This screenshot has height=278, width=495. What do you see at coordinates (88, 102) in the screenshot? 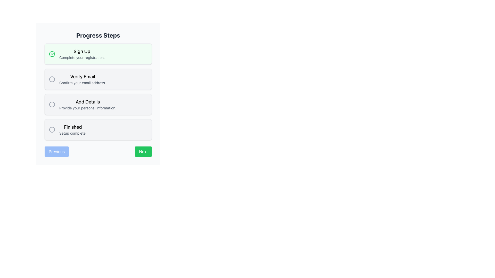
I see `the title text 'Add Details' of the third step in the step indicator interface, which is visually bold and larger than the descriptive text below it` at bounding box center [88, 102].